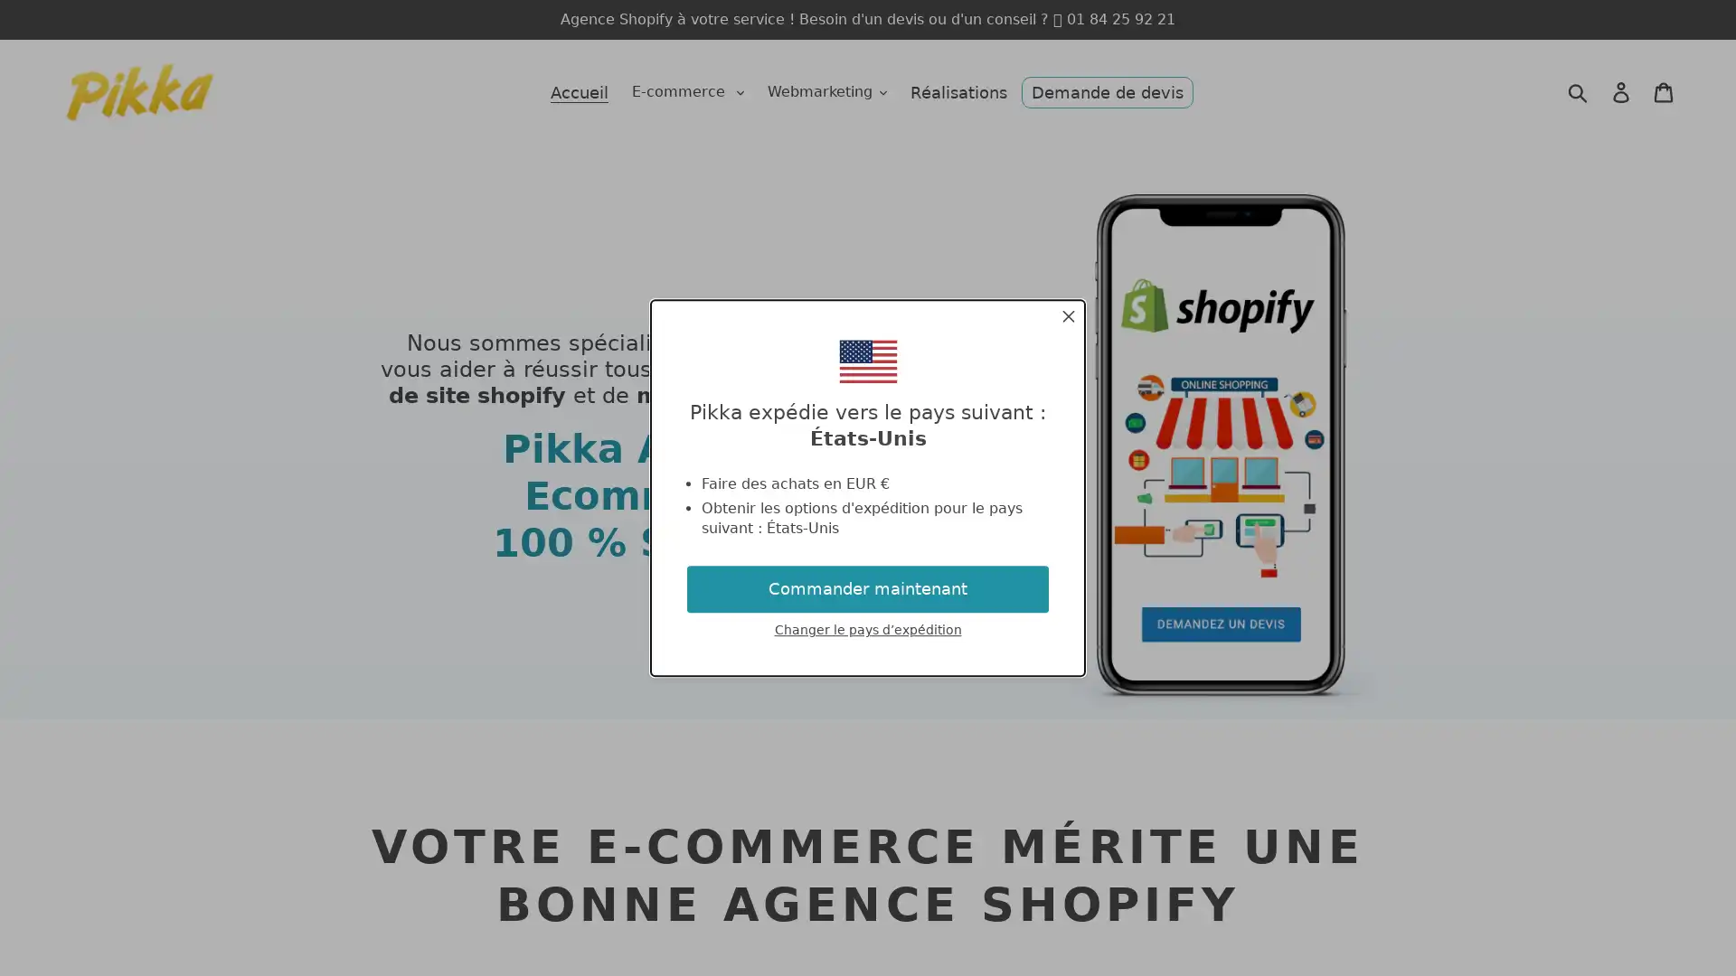  What do you see at coordinates (866, 629) in the screenshot?
I see `Changer le pays dexpedition` at bounding box center [866, 629].